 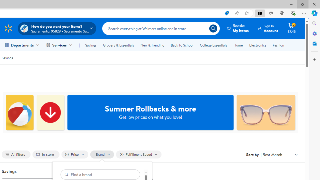 I want to click on 'Home', so click(x=238, y=45).